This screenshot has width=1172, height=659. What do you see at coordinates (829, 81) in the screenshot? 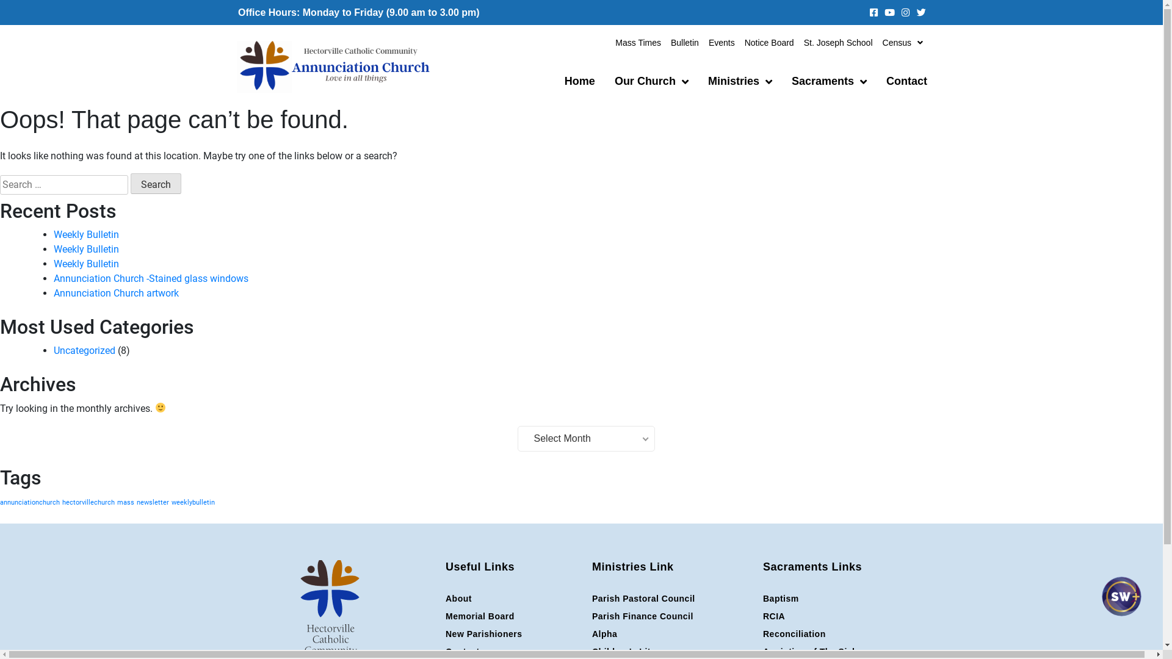
I see `'Sacraments'` at bounding box center [829, 81].